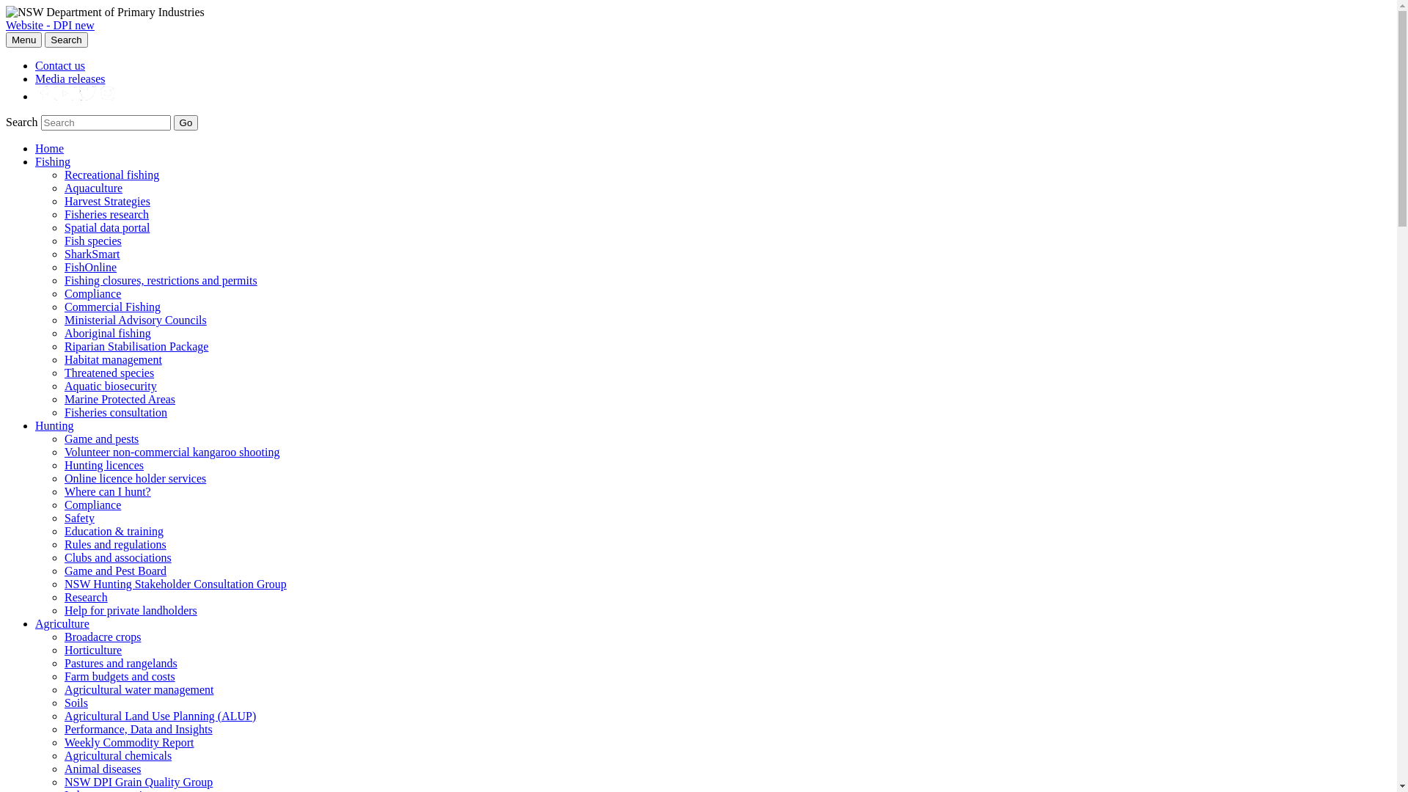 The image size is (1408, 792). What do you see at coordinates (23, 39) in the screenshot?
I see `'Menu'` at bounding box center [23, 39].